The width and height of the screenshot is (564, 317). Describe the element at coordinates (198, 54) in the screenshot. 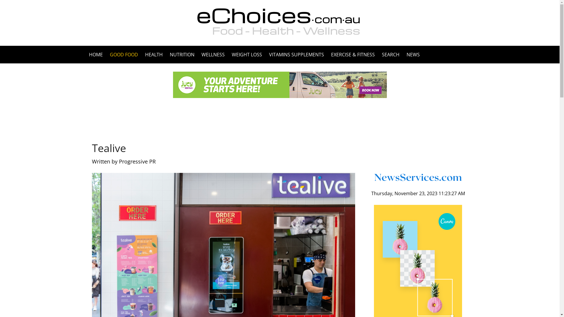

I see `'WELLNESS'` at that location.